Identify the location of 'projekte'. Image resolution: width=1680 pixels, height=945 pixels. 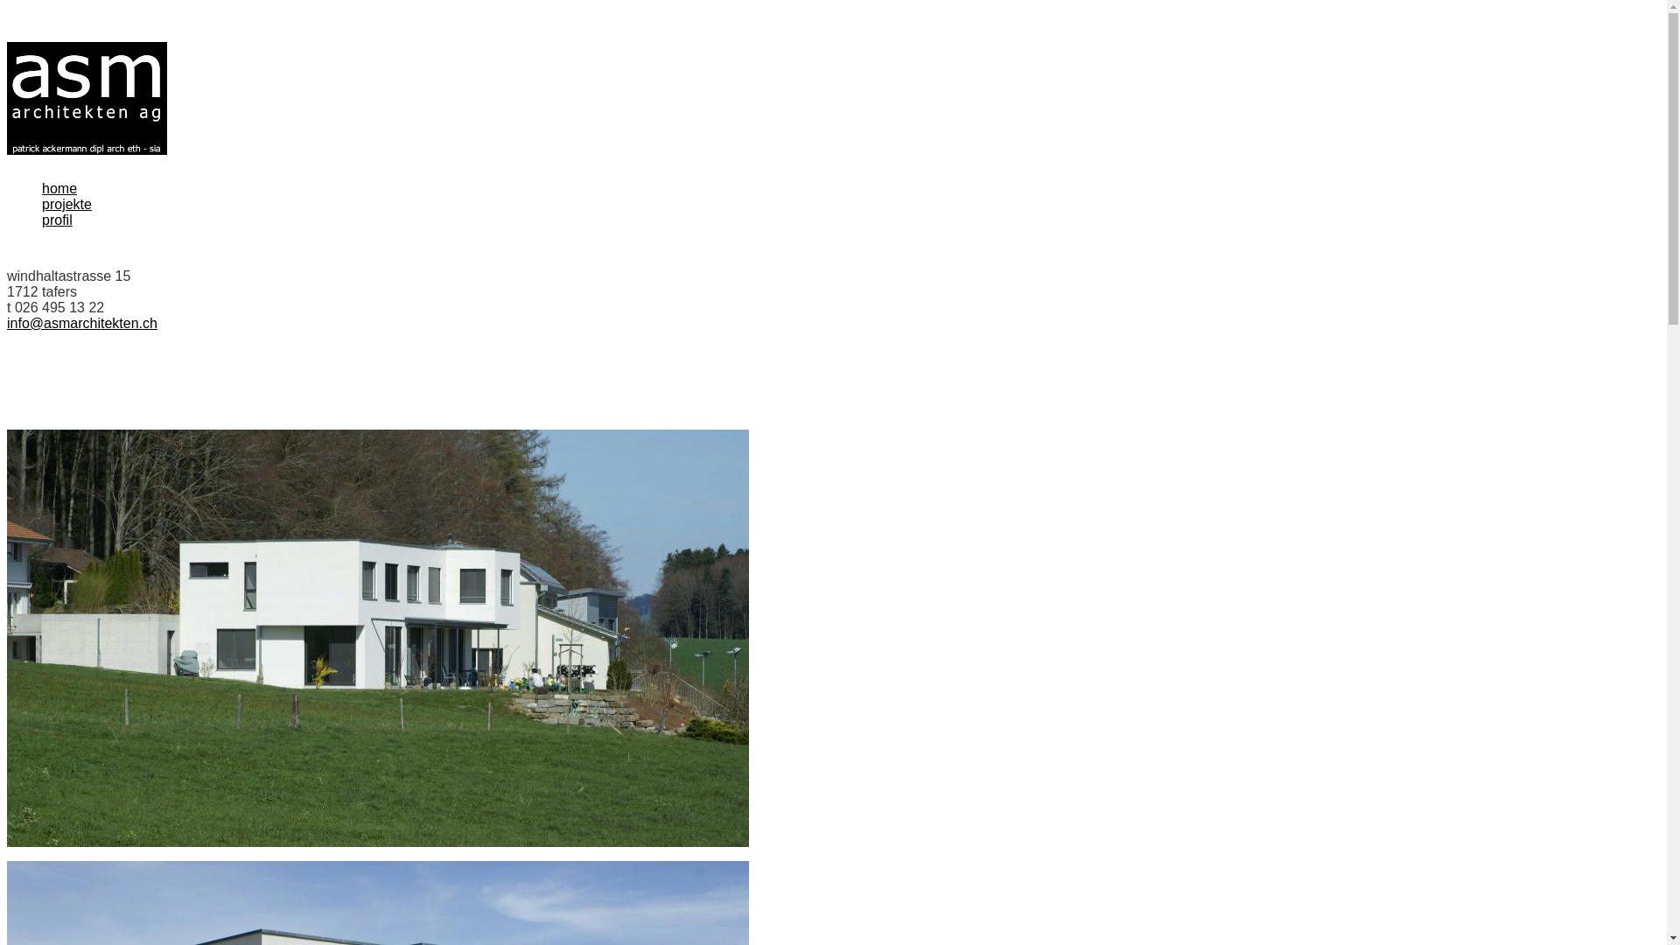
(66, 203).